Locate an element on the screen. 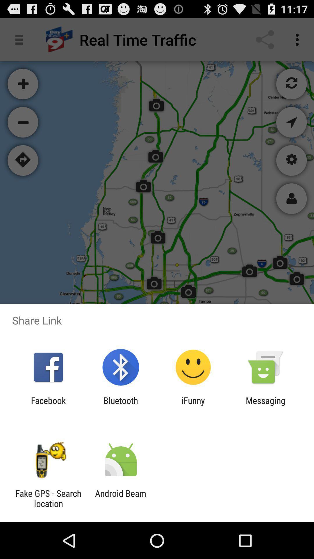  the android beam is located at coordinates (120, 498).